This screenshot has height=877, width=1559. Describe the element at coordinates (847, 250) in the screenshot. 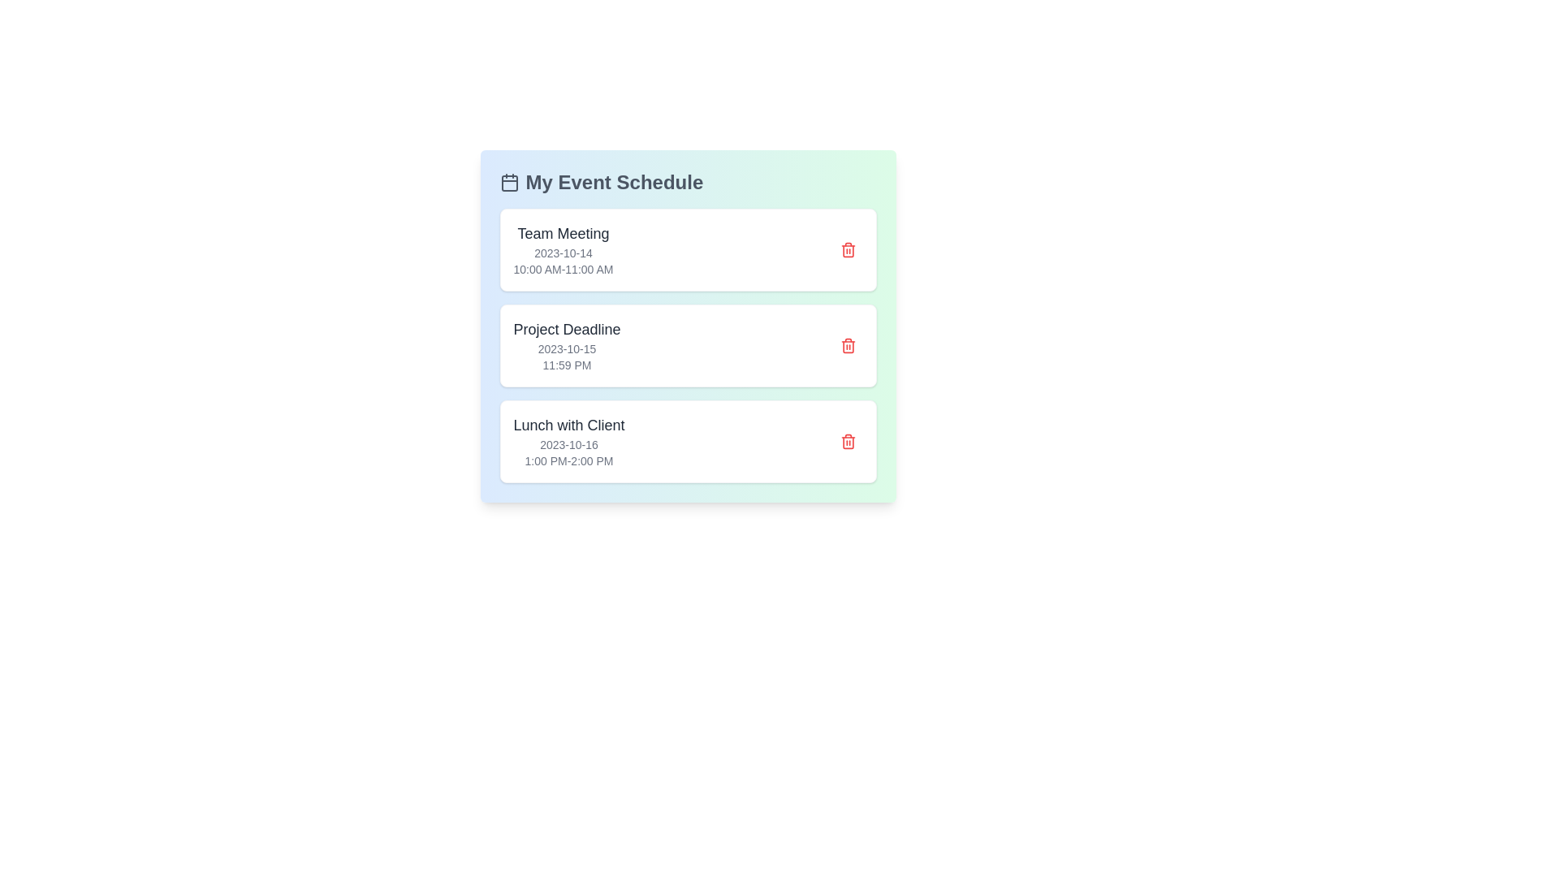

I see `the delete button for the event labeled 'Team Meeting'` at that location.